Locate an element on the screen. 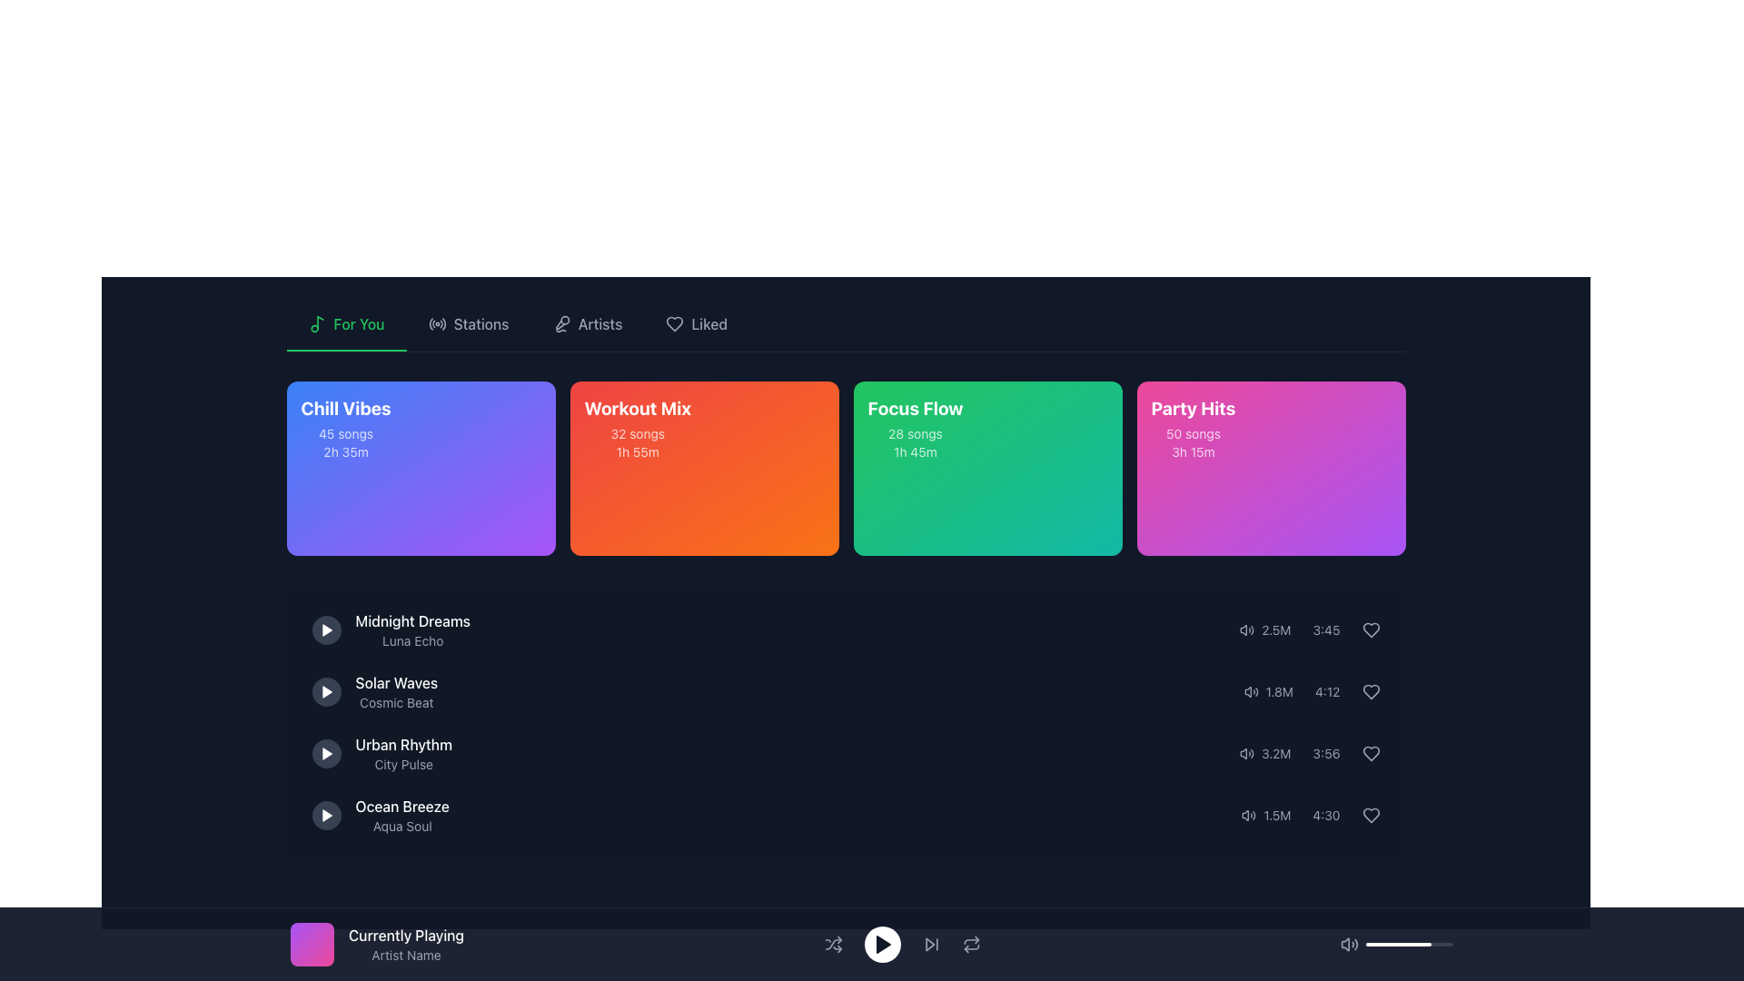 This screenshot has width=1744, height=981. slider value is located at coordinates (1381, 944).